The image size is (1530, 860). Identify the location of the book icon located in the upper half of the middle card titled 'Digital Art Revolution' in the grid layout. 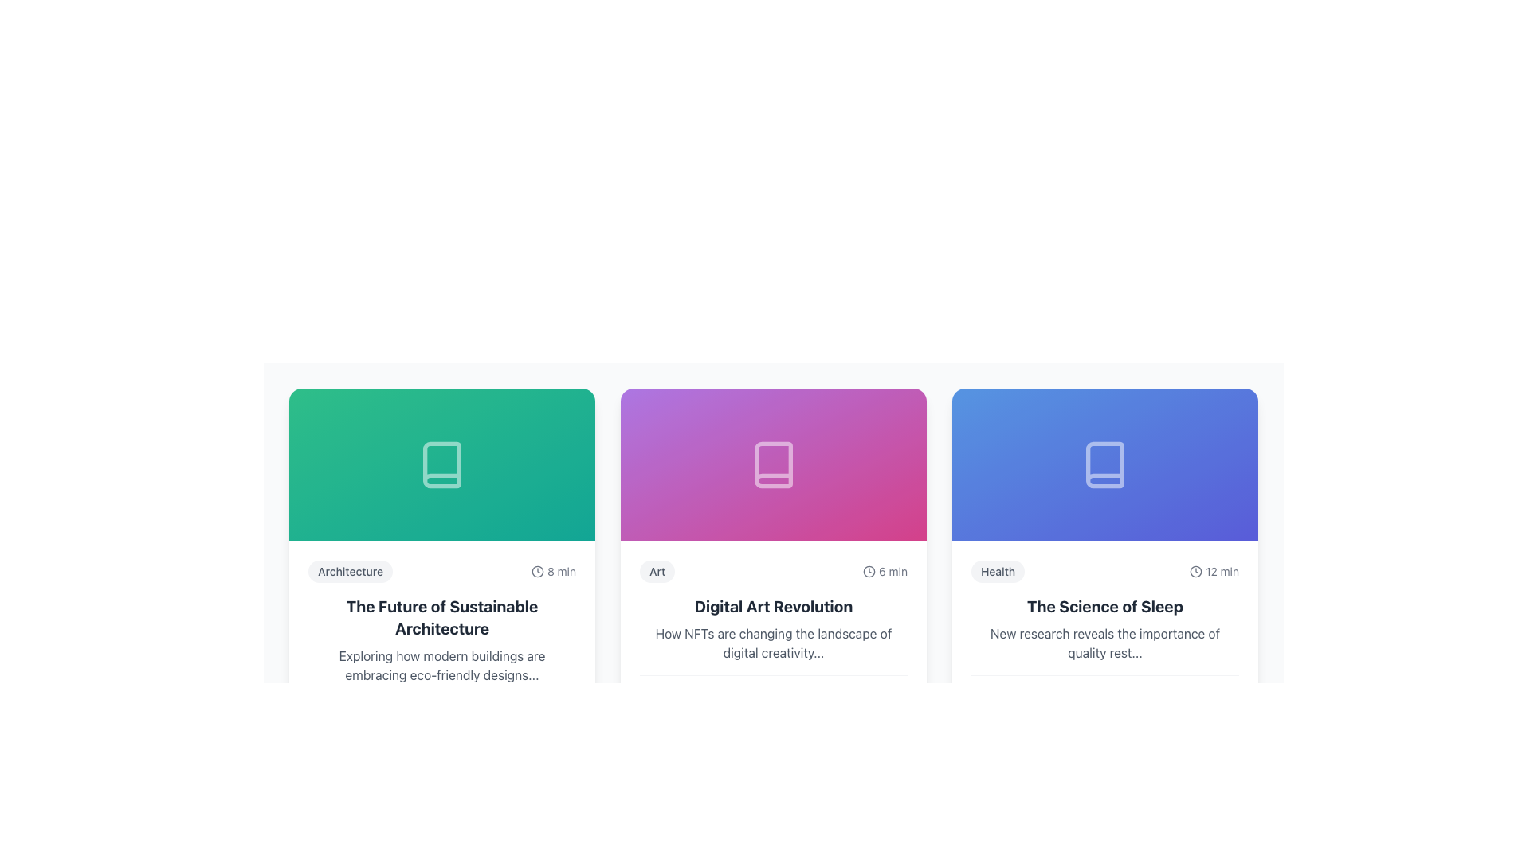
(773, 464).